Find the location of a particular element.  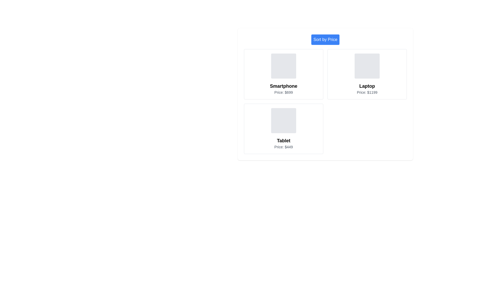

the product card for Laptop is located at coordinates (367, 74).